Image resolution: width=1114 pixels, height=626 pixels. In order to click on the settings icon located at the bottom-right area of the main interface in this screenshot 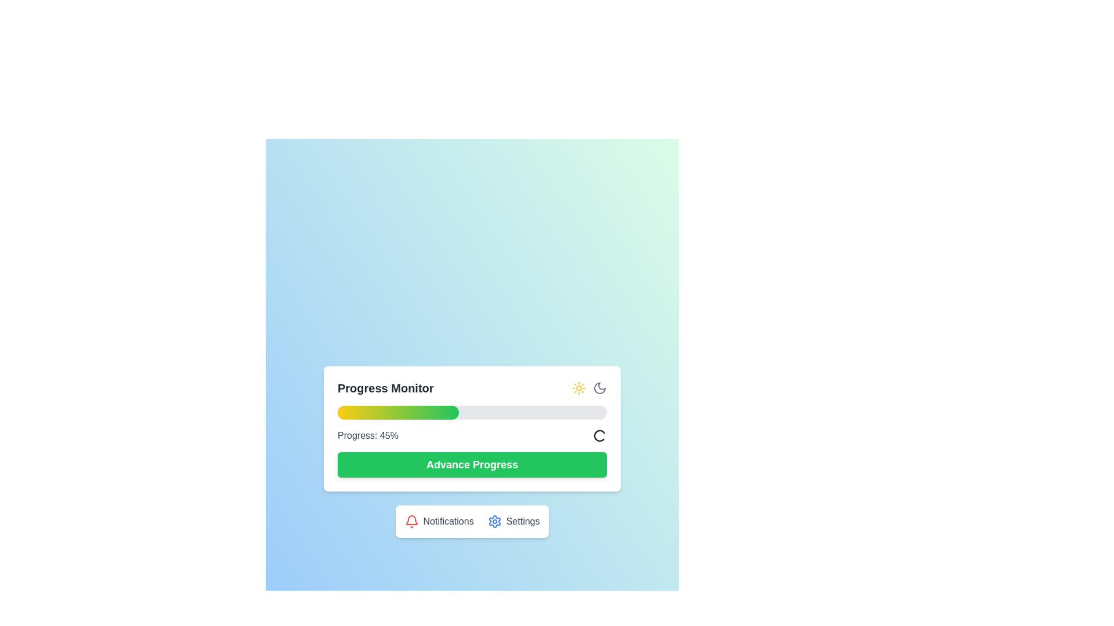, I will do `click(494, 521)`.